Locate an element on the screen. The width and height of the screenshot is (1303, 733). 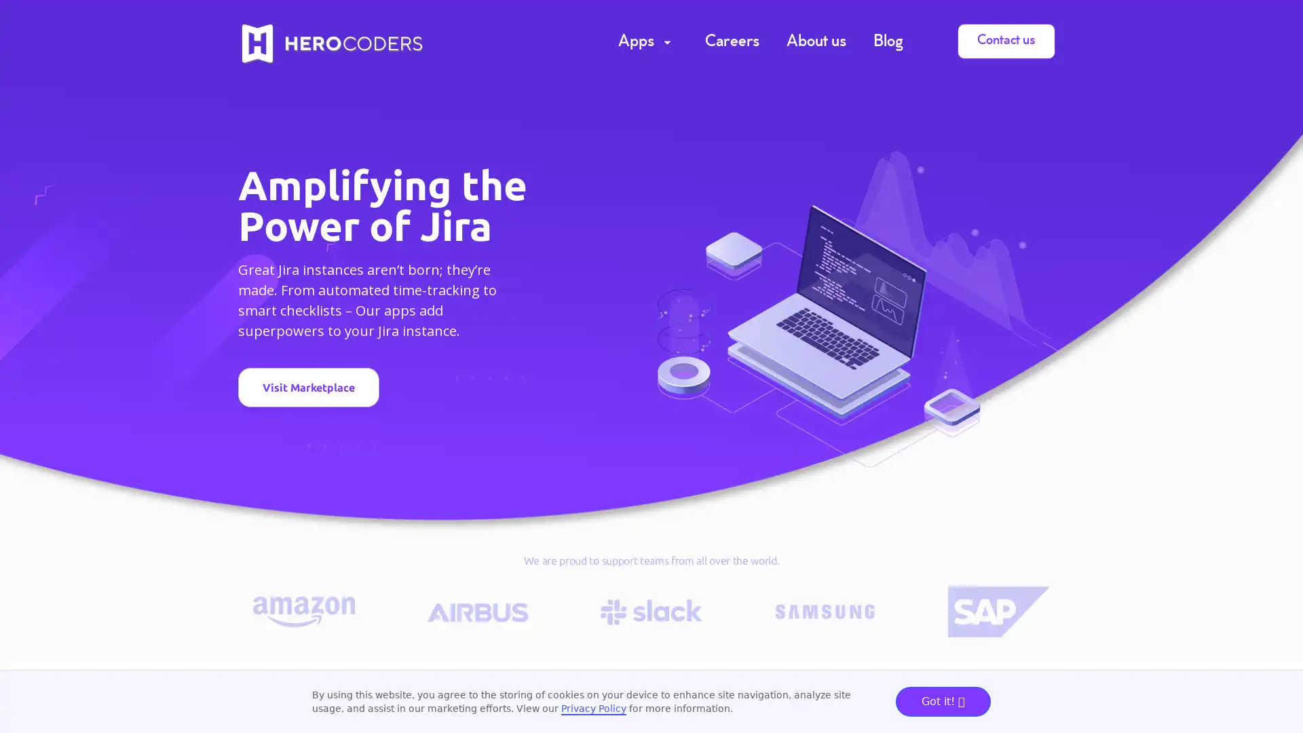
Got it! is located at coordinates (943, 701).